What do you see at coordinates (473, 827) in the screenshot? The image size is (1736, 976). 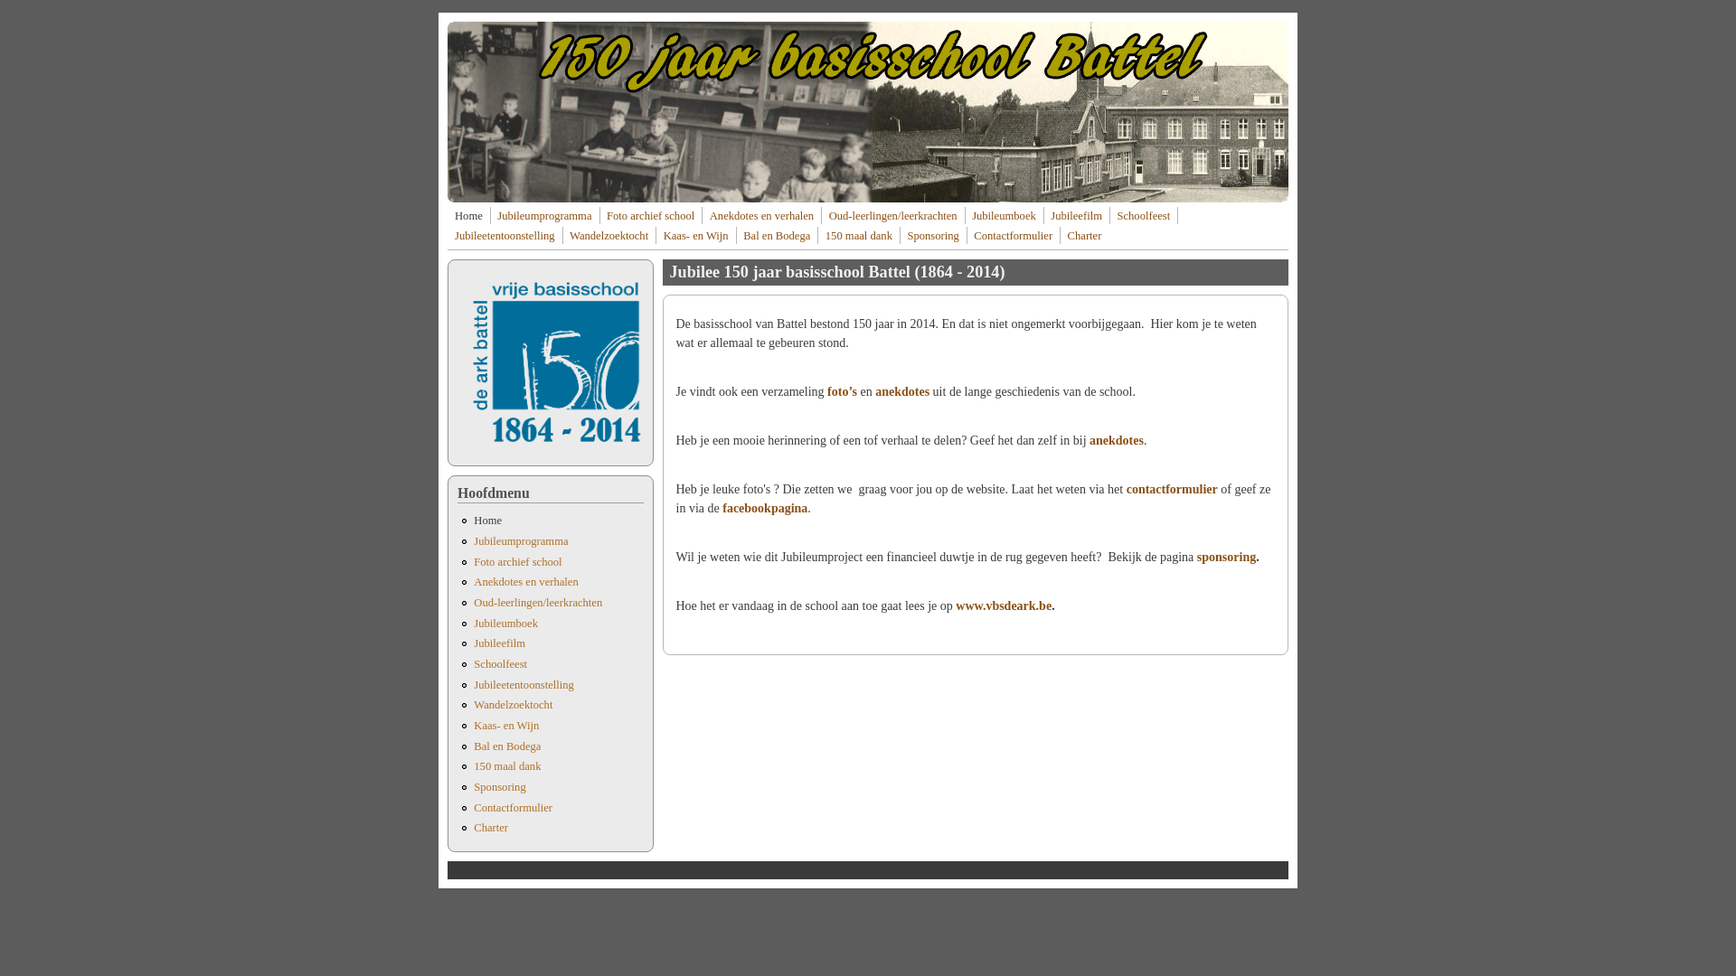 I see `'Charter'` at bounding box center [473, 827].